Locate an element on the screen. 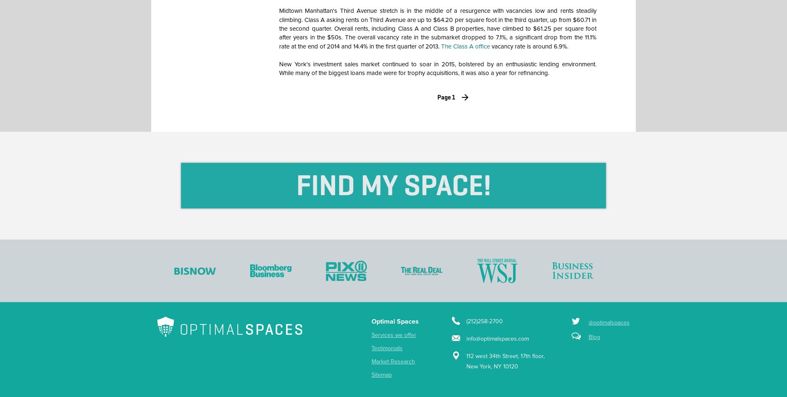 The width and height of the screenshot is (787, 397). 'vacancy rate is around 6.9%.' is located at coordinates (529, 46).